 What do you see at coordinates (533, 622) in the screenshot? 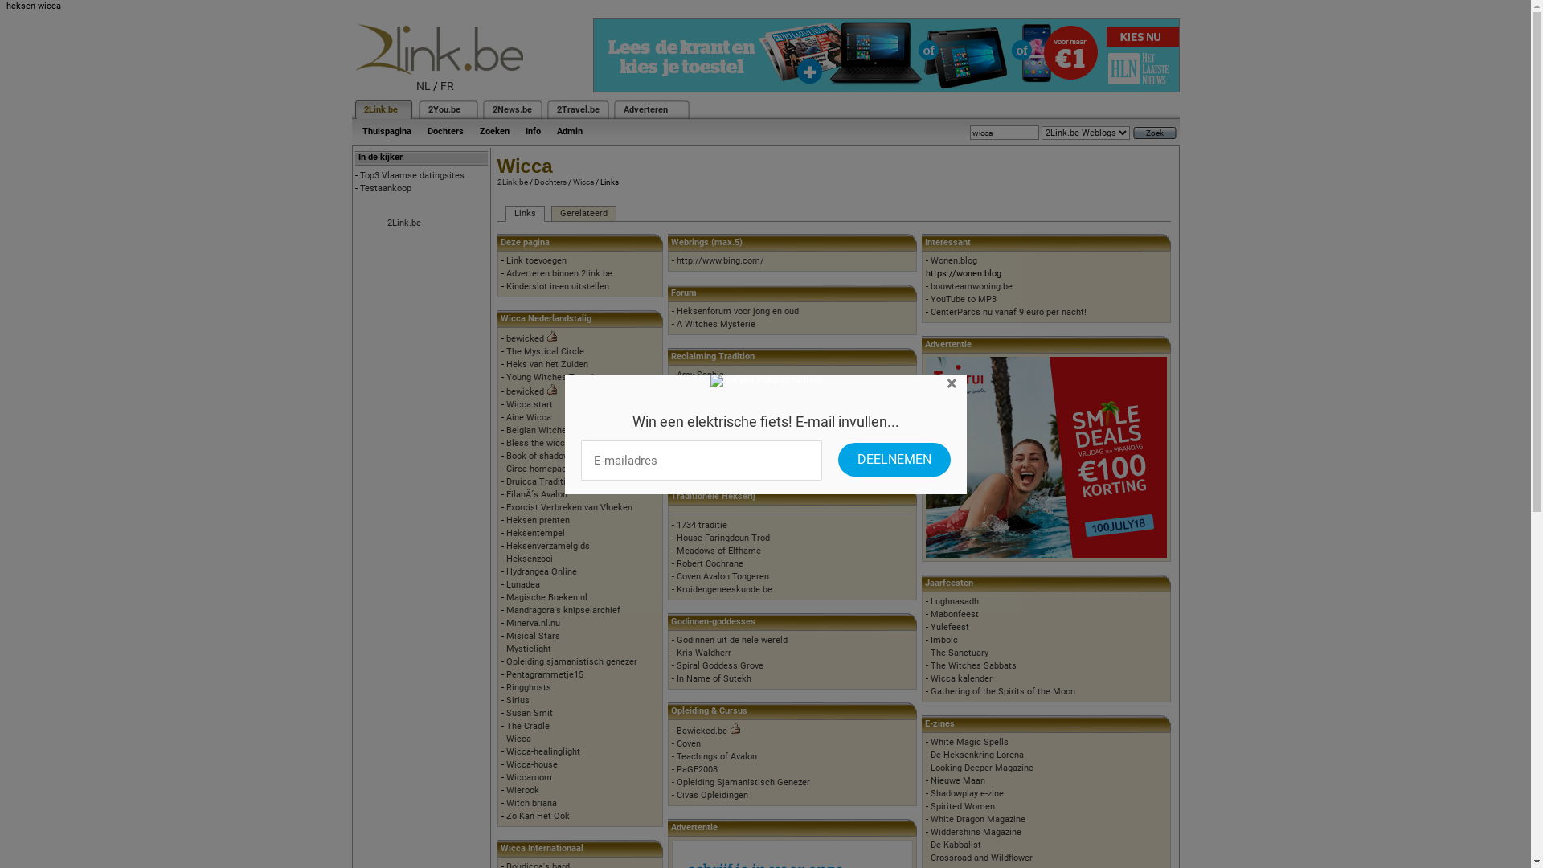
I see `'Minerva.nl.nu'` at bounding box center [533, 622].